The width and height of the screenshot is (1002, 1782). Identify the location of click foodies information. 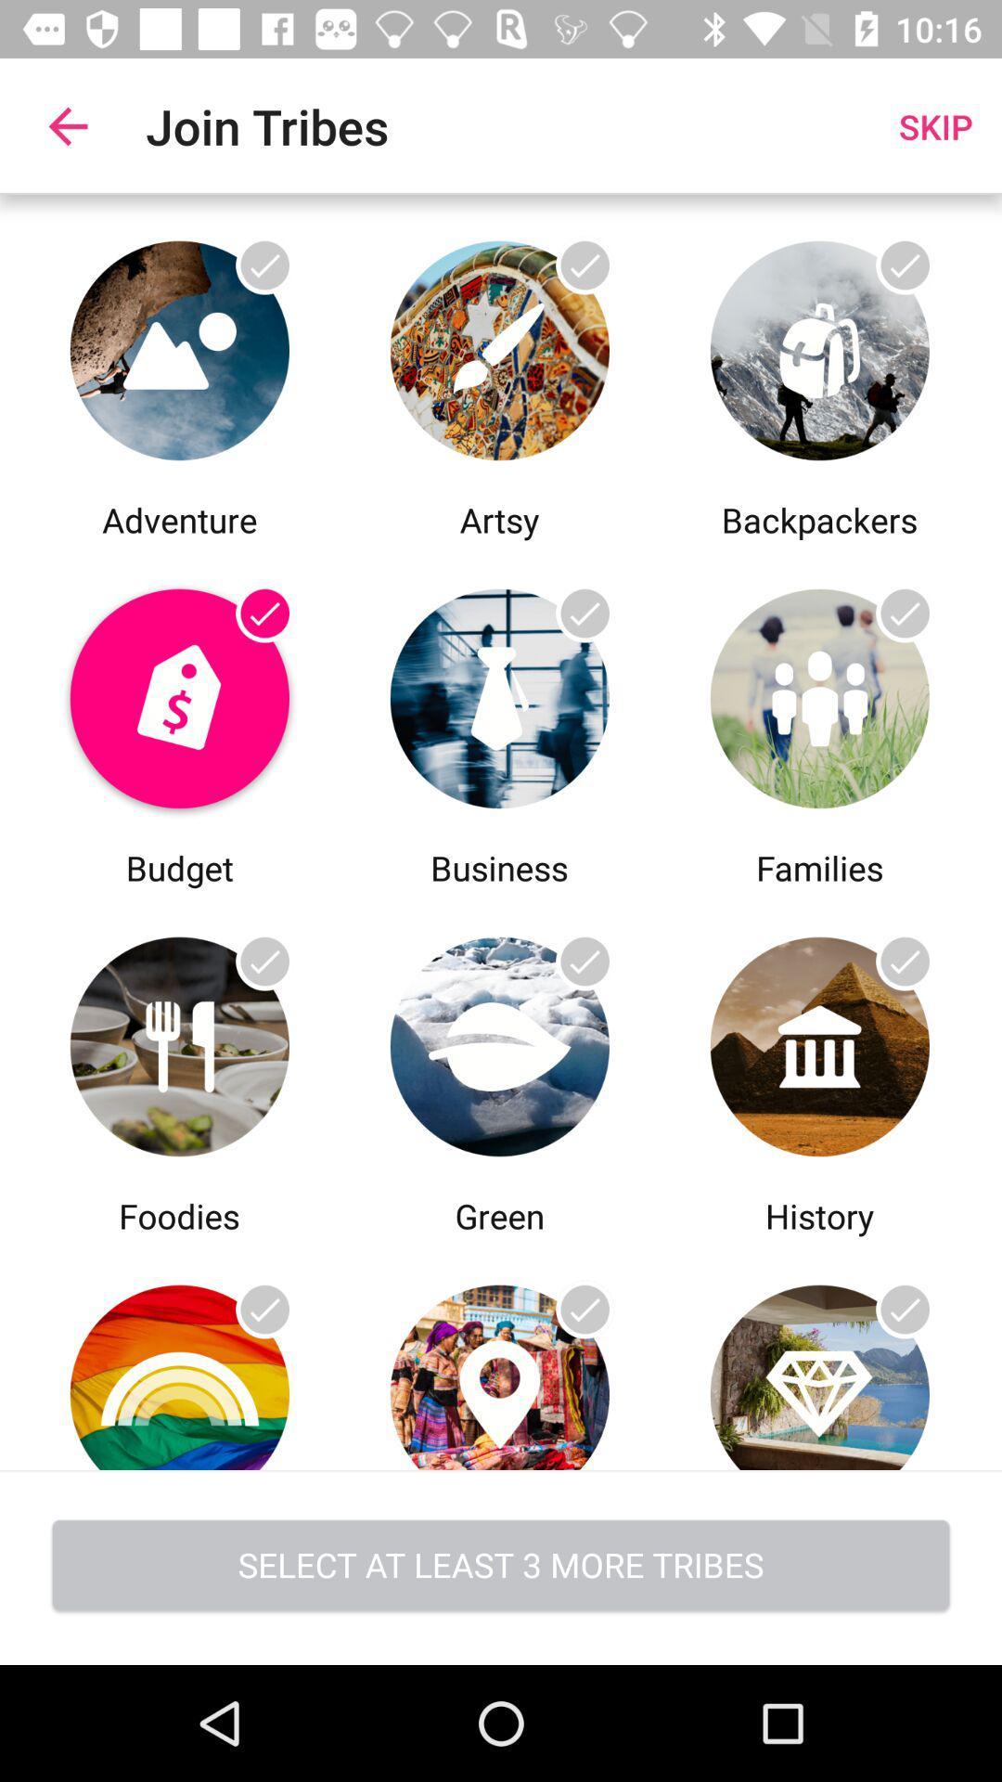
(179, 1041).